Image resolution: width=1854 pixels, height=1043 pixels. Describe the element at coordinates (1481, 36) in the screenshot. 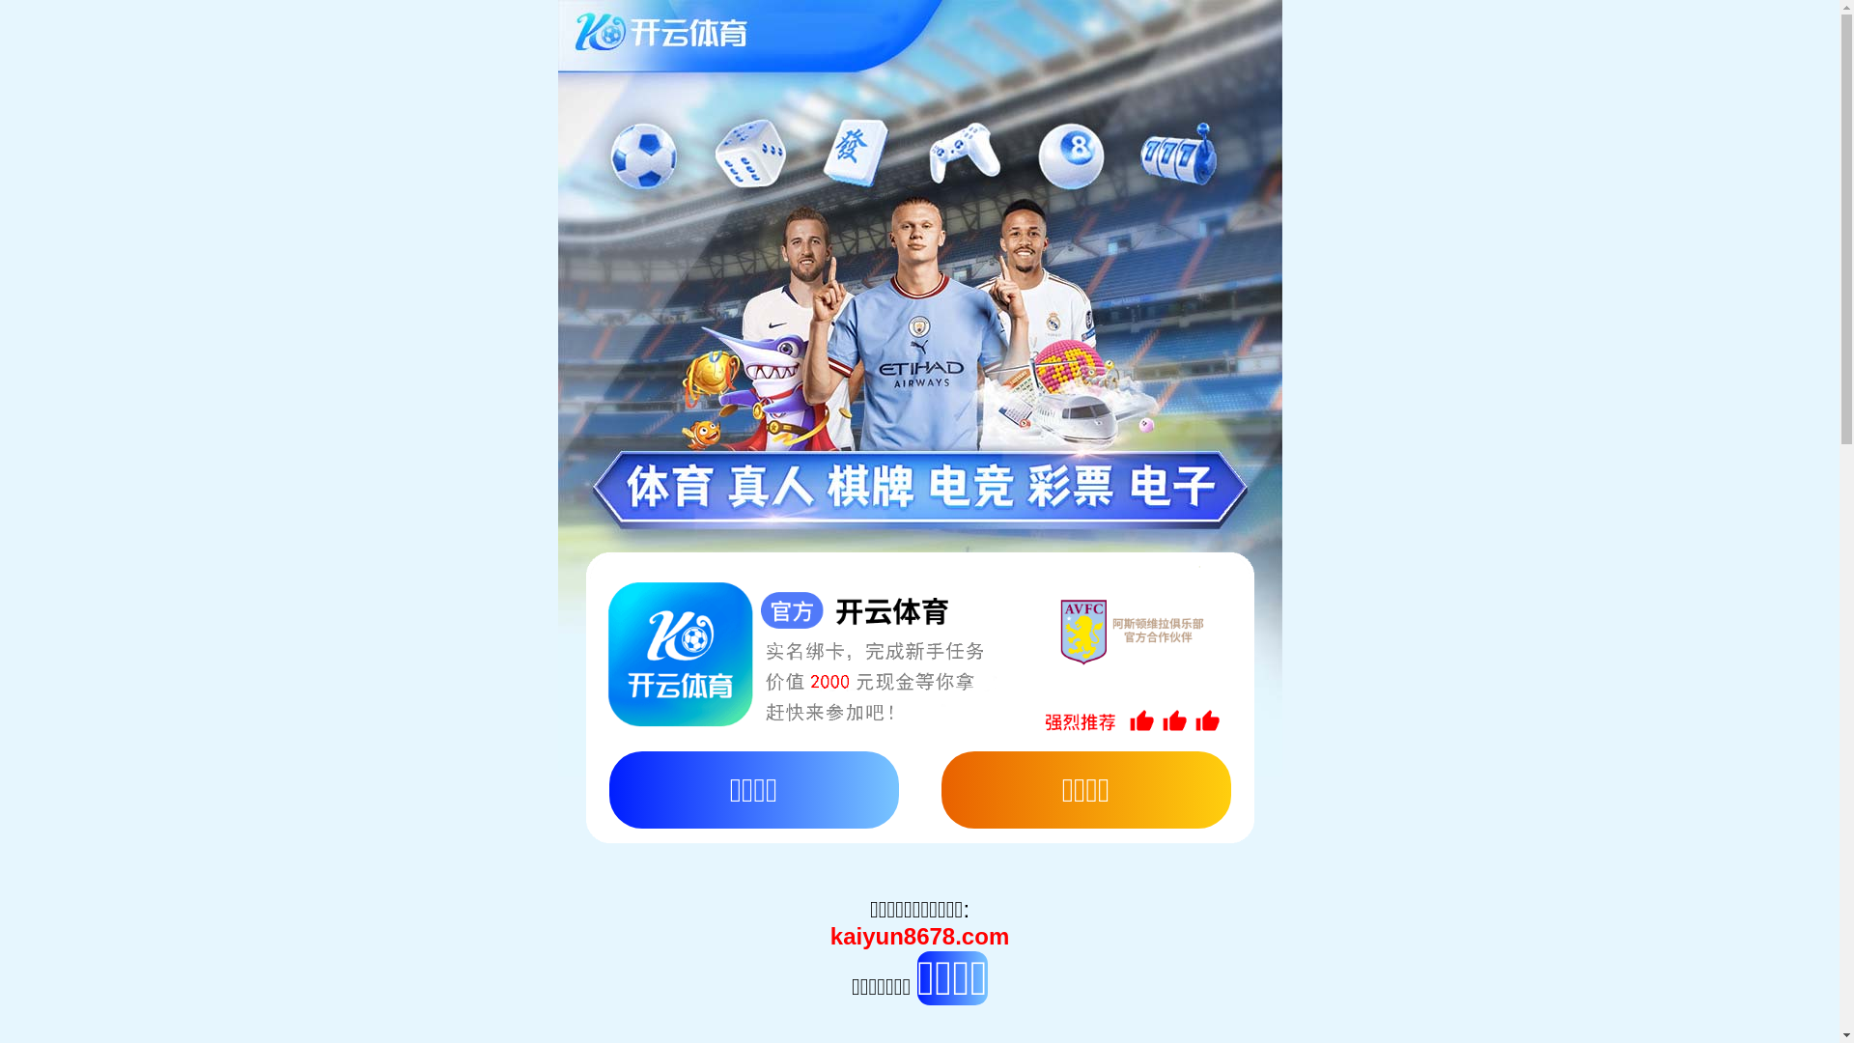

I see `' '` at that location.